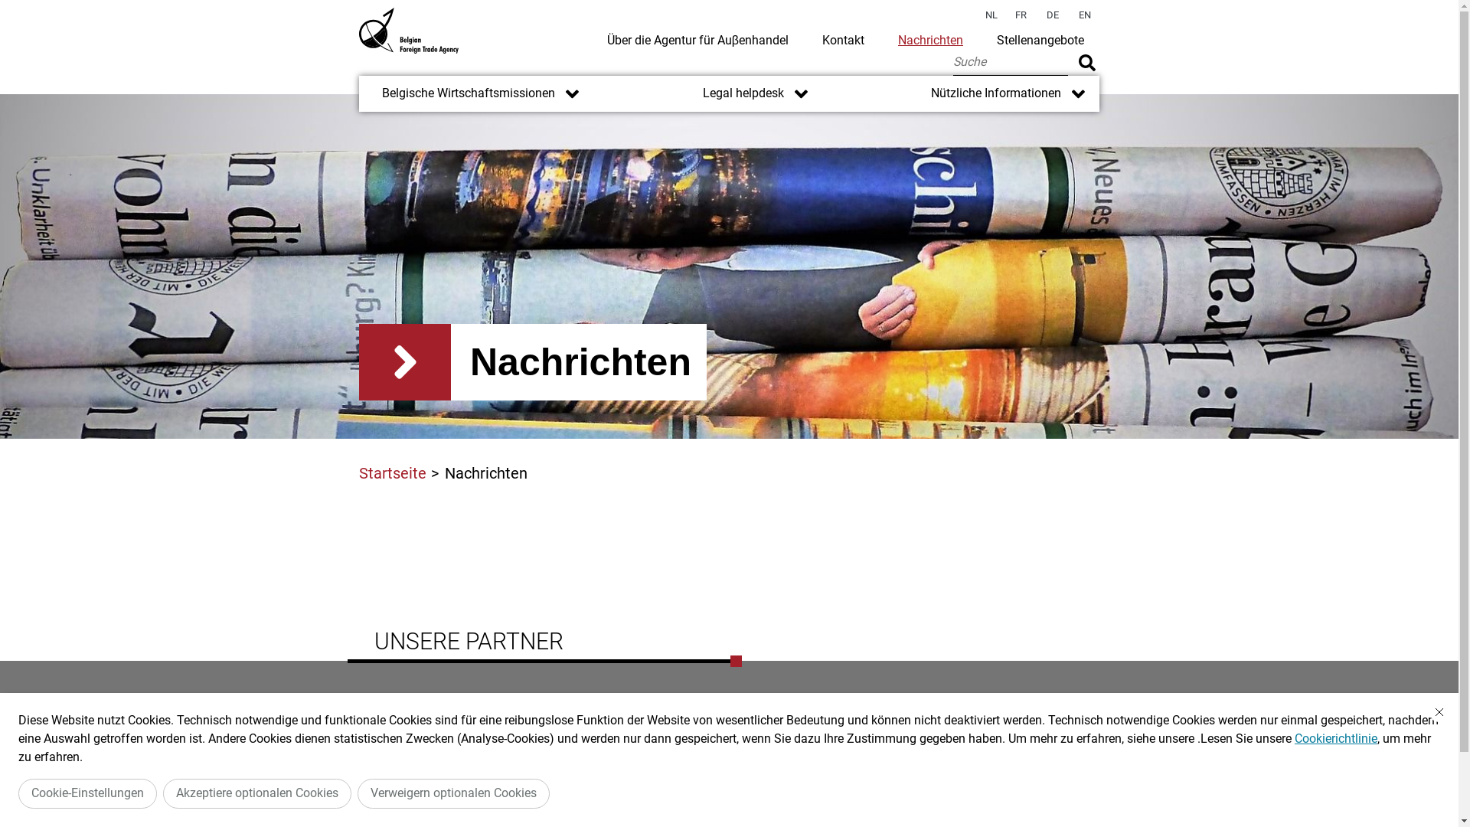  What do you see at coordinates (791, 93) in the screenshot?
I see `'Open submenu'` at bounding box center [791, 93].